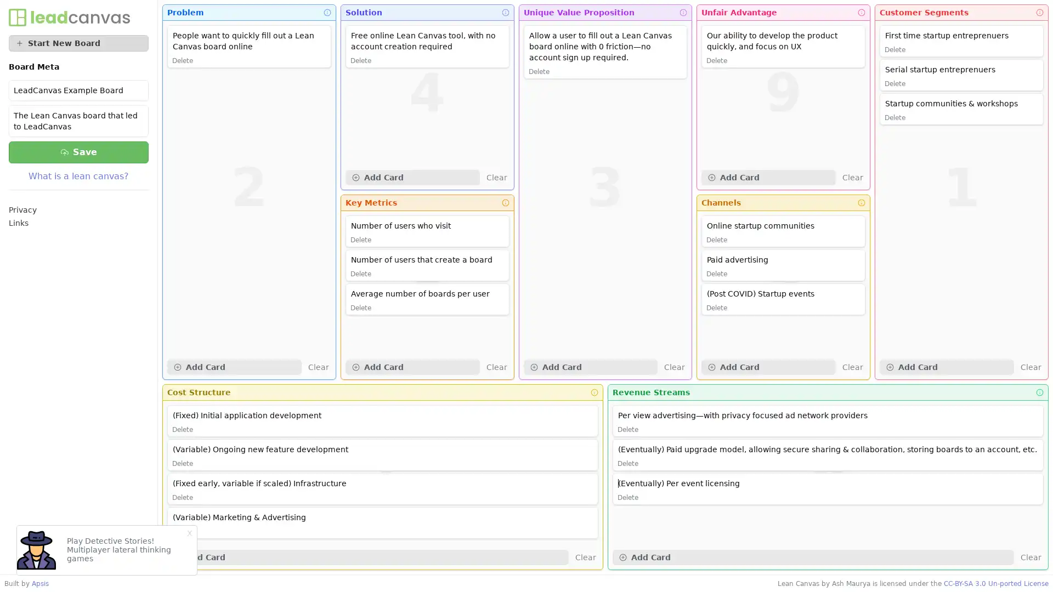 This screenshot has height=592, width=1053. I want to click on Delete, so click(182, 497).